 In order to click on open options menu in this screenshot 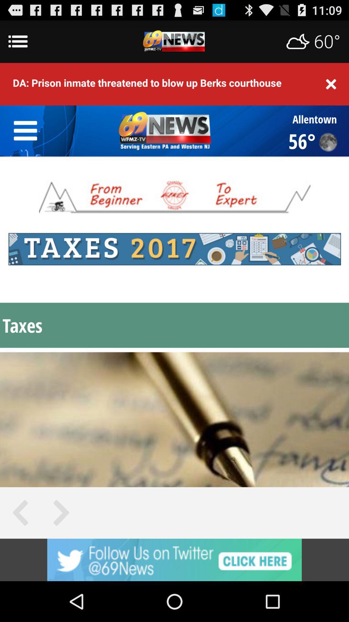, I will do `click(174, 41)`.